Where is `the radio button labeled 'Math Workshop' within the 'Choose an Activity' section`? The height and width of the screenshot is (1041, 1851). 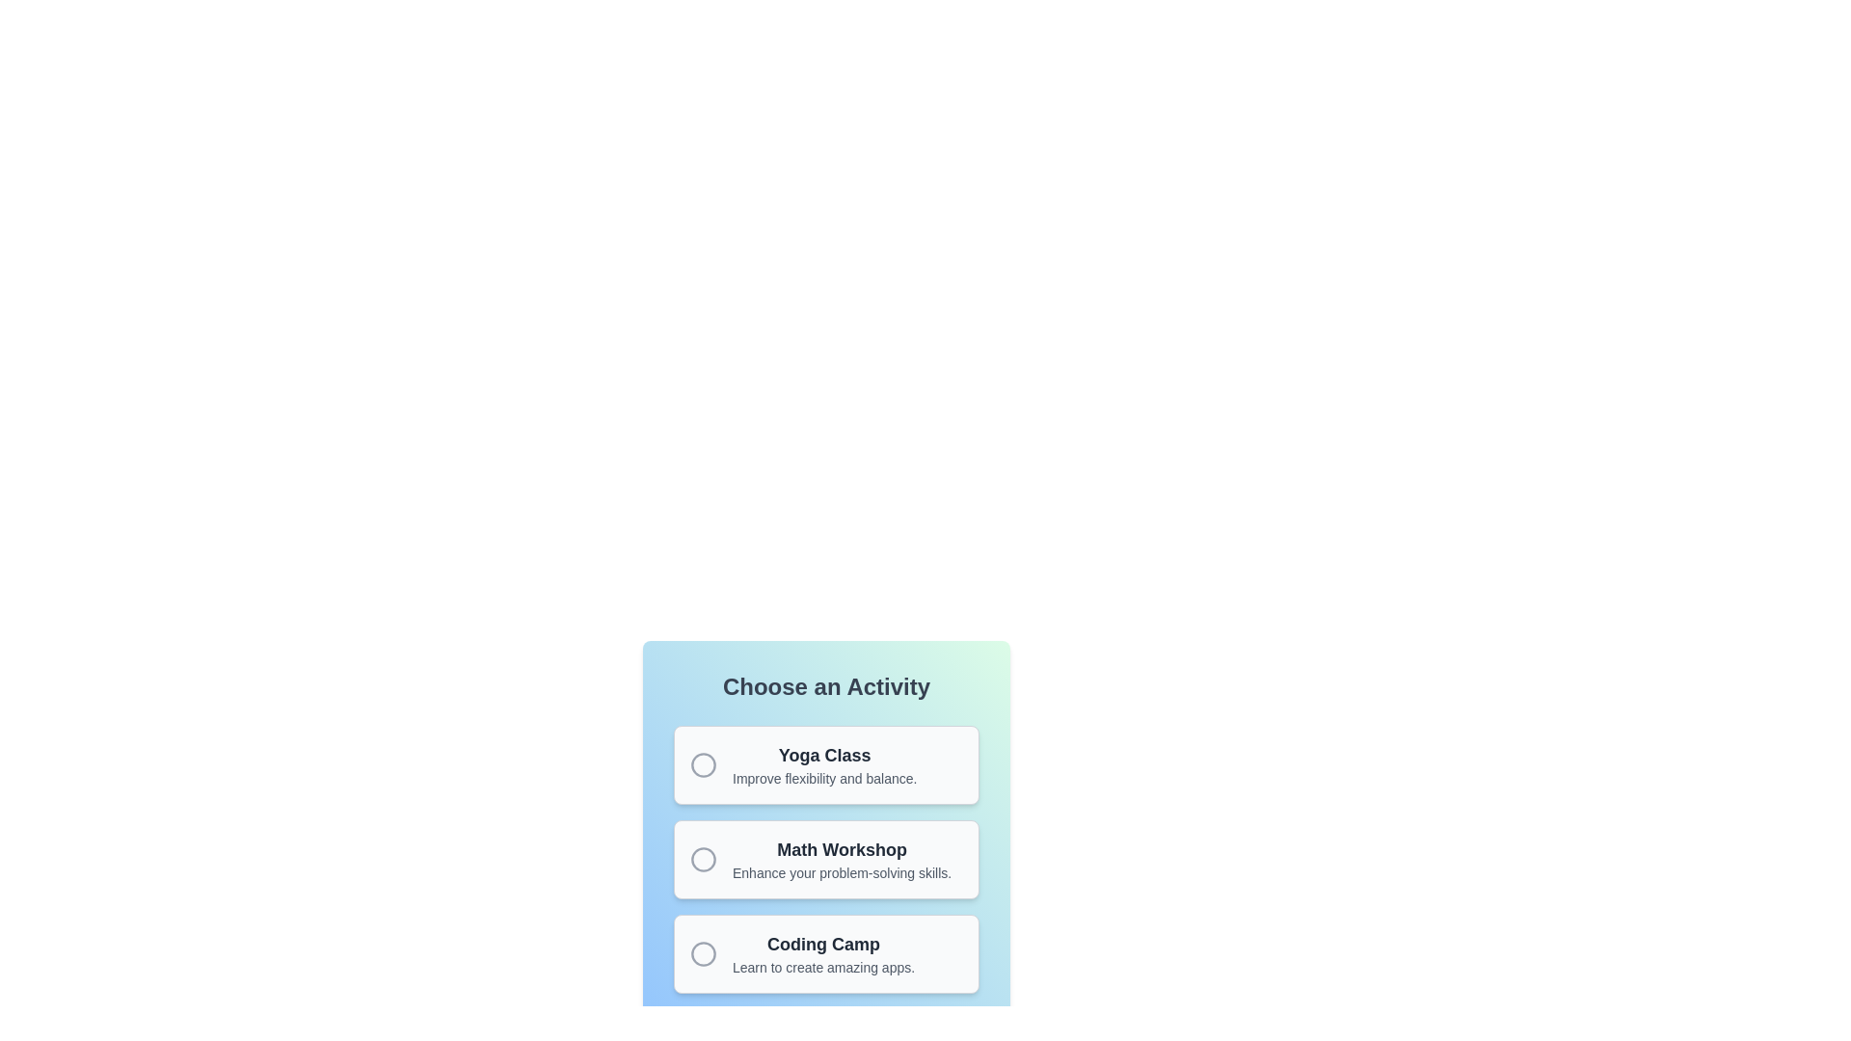
the radio button labeled 'Math Workshop' within the 'Choose an Activity' section is located at coordinates (702, 858).